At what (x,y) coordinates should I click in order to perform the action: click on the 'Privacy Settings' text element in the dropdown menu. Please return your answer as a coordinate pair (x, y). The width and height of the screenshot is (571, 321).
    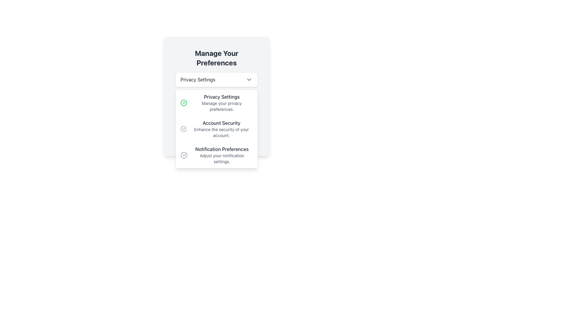
    Looking at the image, I should click on (221, 103).